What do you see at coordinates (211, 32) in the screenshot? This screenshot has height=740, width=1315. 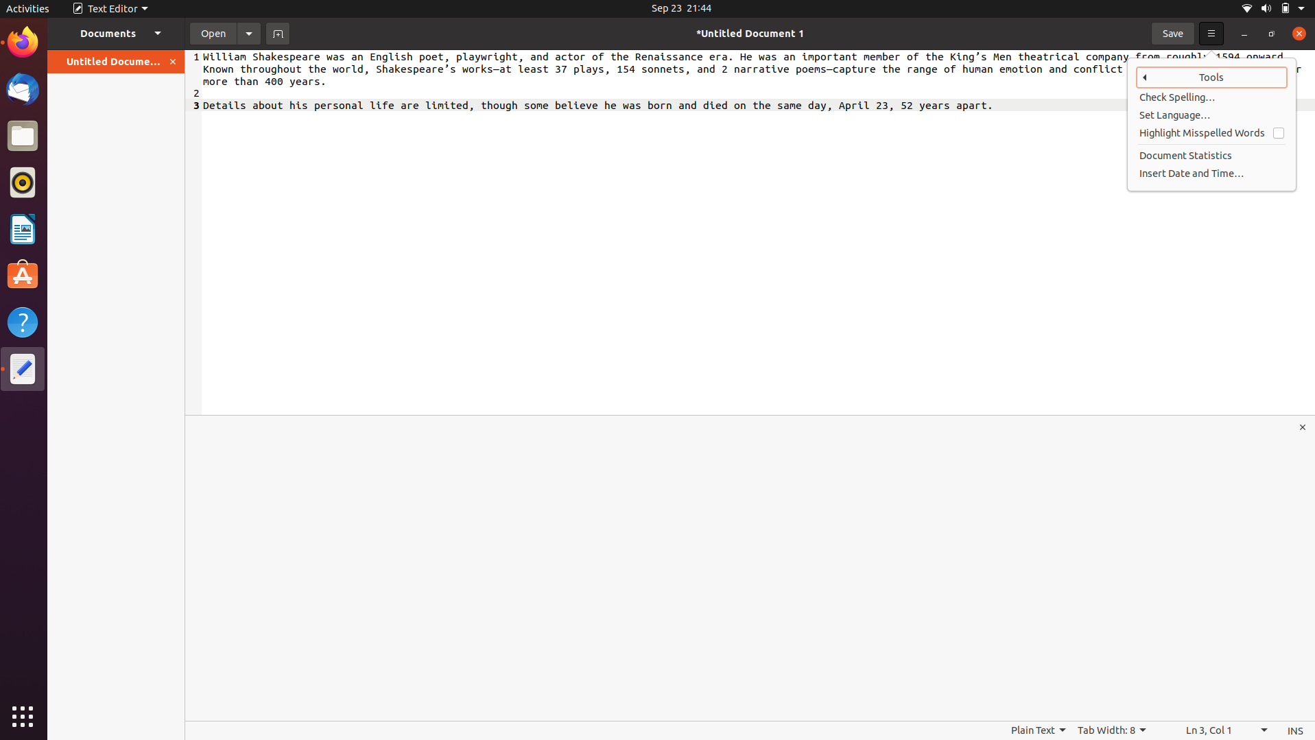 I see `the file named time.docx` at bounding box center [211, 32].